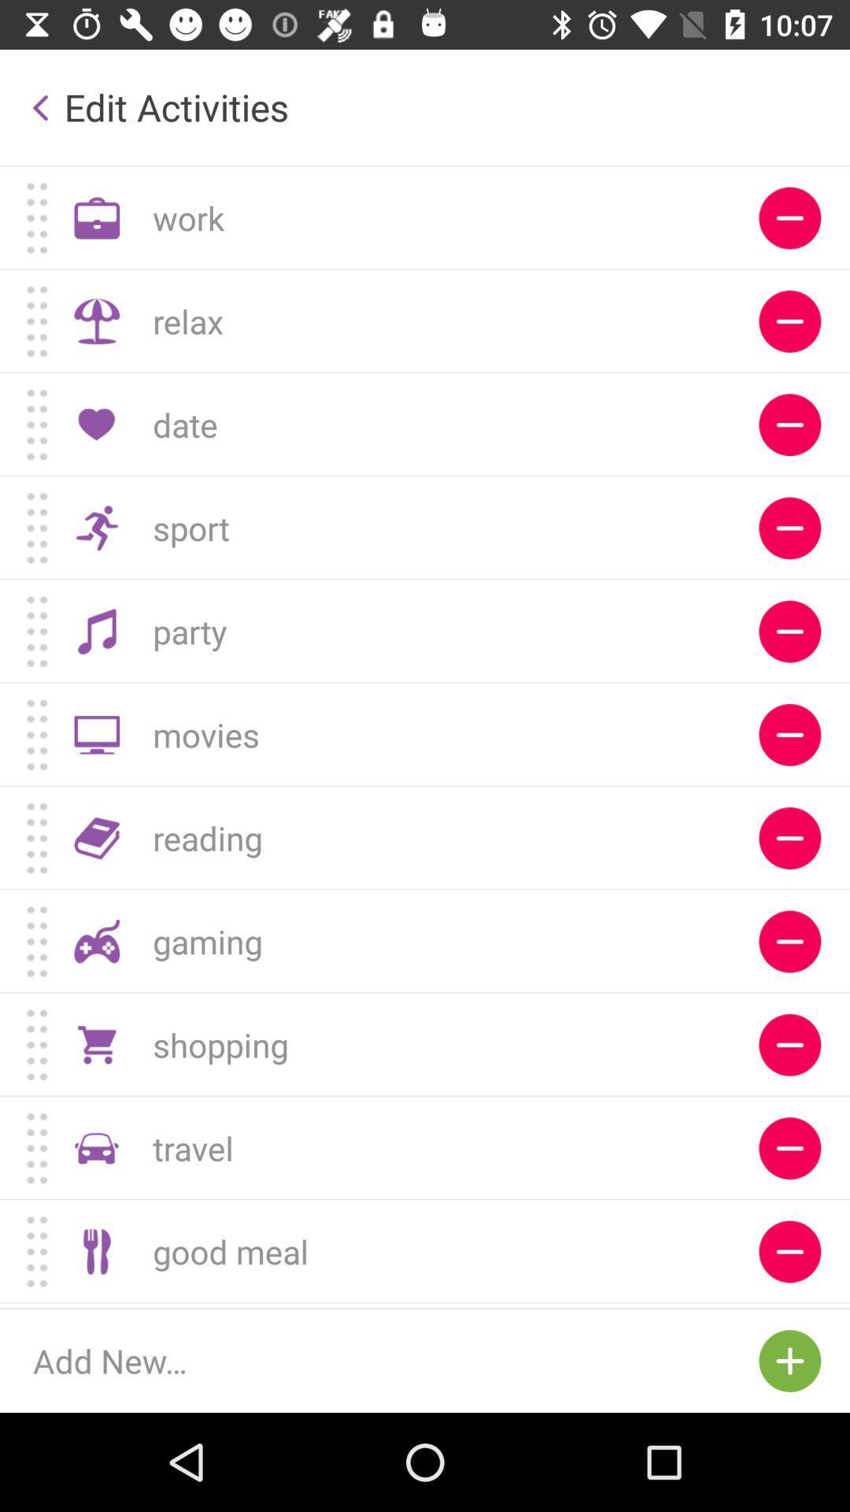  I want to click on remove relax, so click(789, 321).